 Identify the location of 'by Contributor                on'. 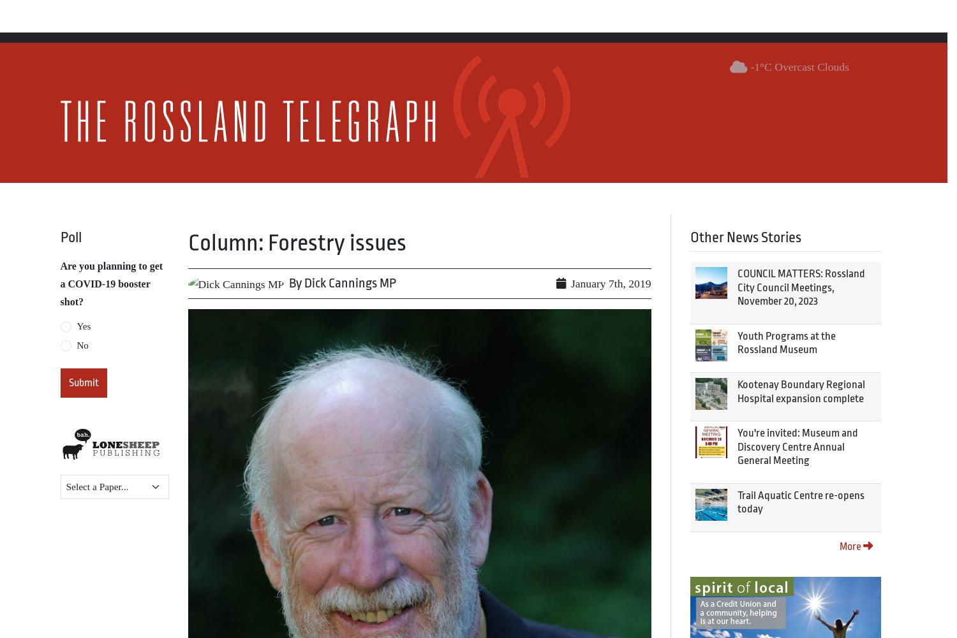
(390, 518).